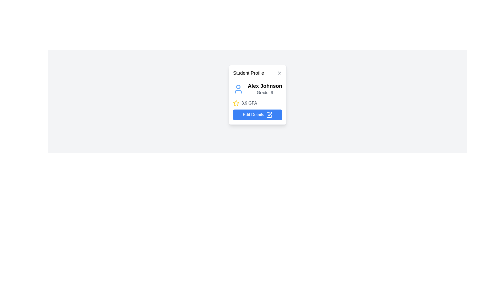 This screenshot has width=504, height=283. I want to click on the blue user icon silhouette located at the top-left corner of the 'Student Profile' card, next to the user name 'Alex Johnson', so click(238, 89).